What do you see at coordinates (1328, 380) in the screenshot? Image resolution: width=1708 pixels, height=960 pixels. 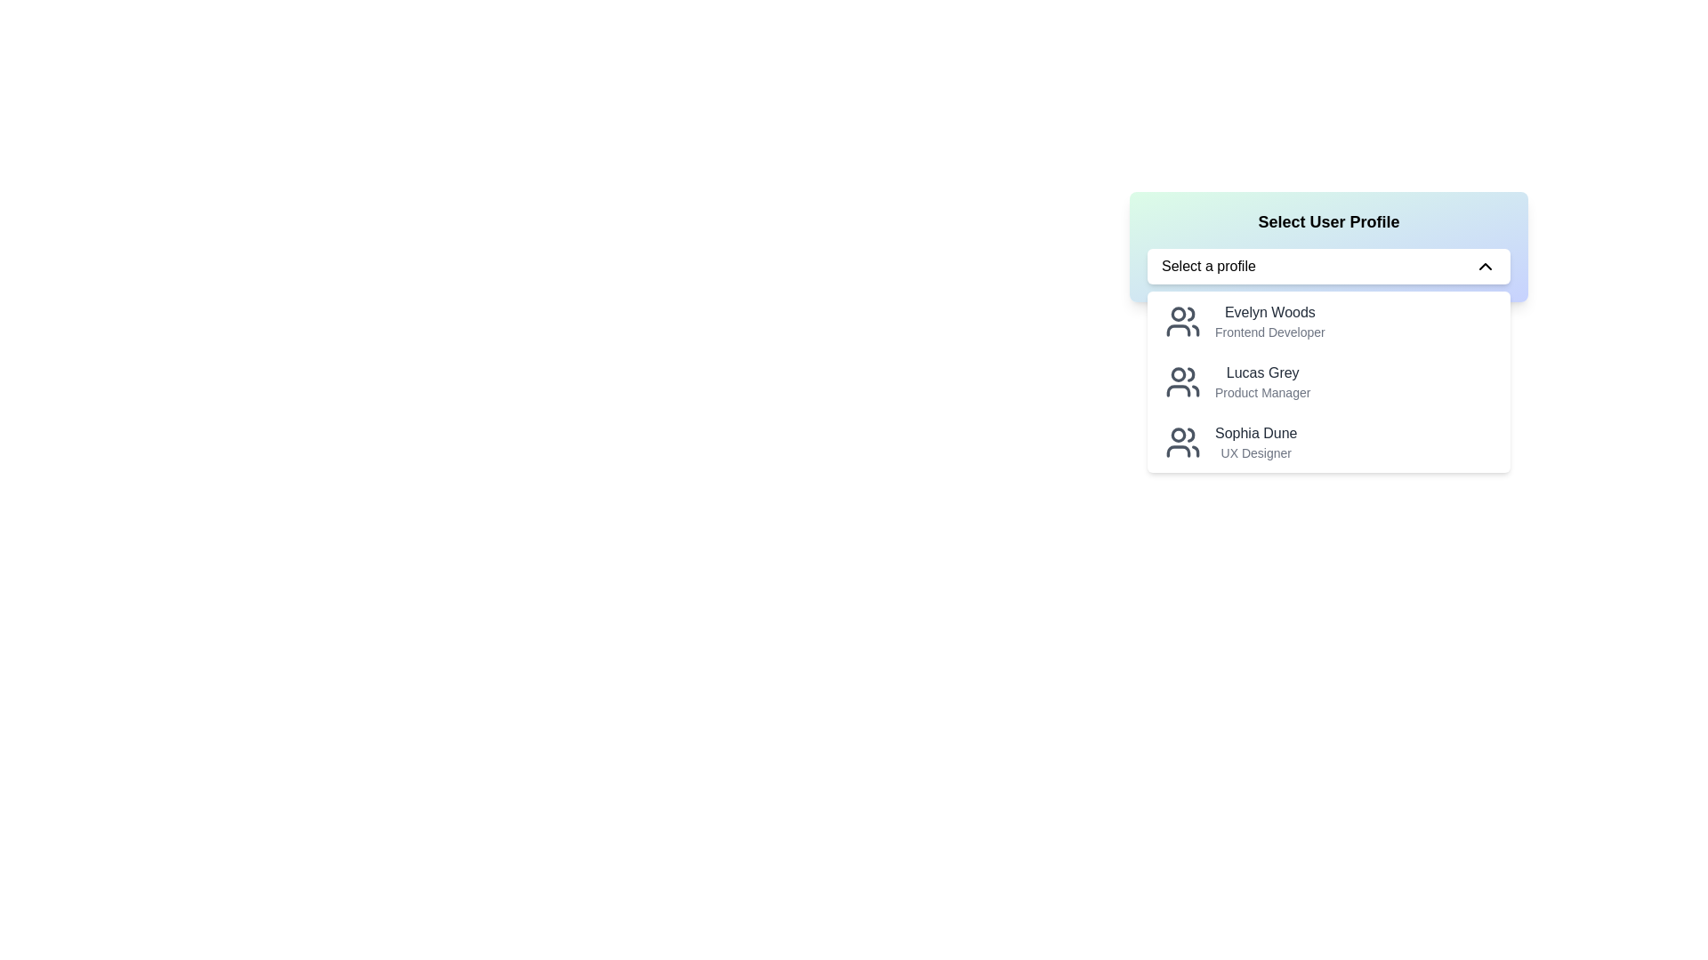 I see `the profile listing item for 'Lucas Grey' in the dropdown menu` at bounding box center [1328, 380].